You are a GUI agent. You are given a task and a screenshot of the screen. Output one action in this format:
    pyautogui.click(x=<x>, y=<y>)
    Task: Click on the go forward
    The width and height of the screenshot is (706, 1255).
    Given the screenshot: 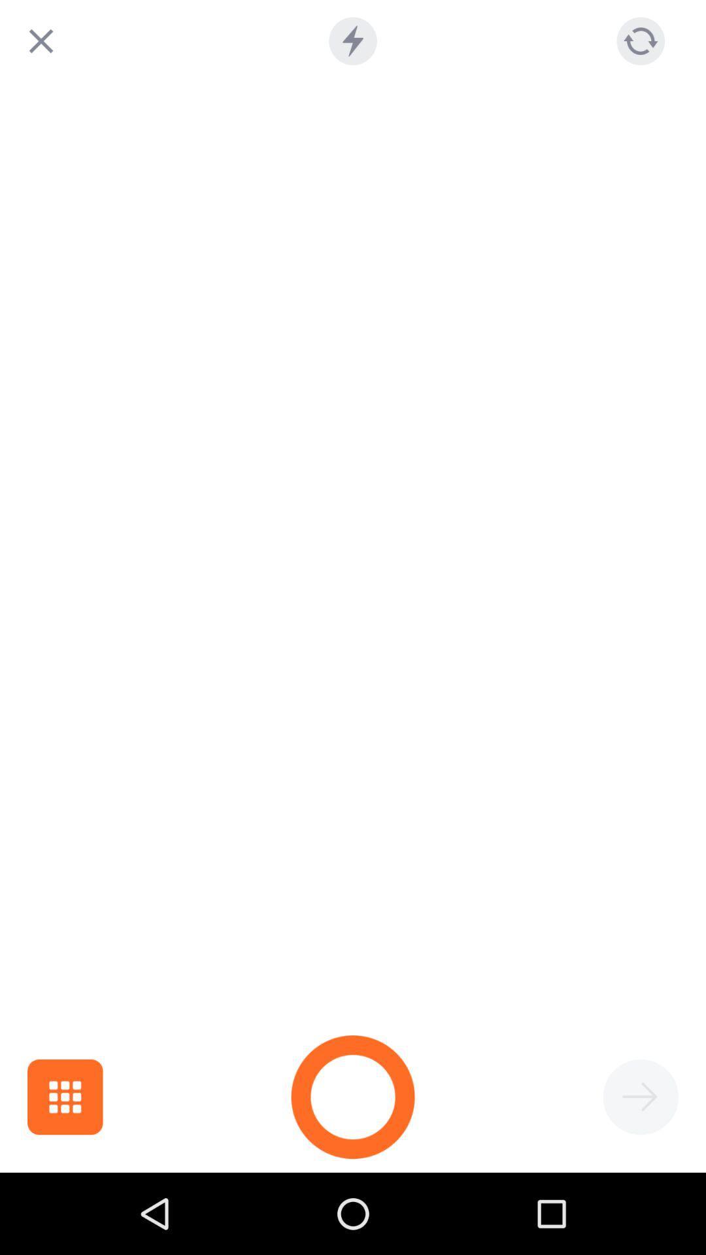 What is the action you would take?
    pyautogui.click(x=640, y=1097)
    